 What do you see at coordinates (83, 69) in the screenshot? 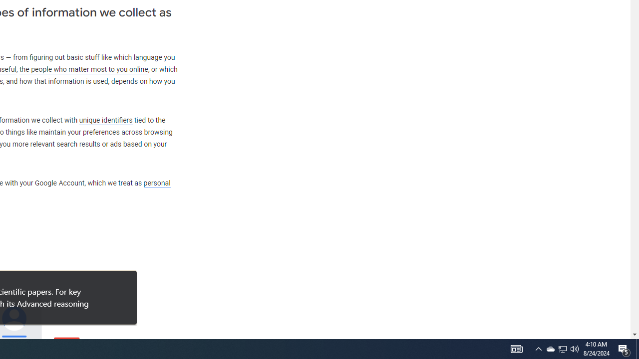
I see `'the people who matter most to you online'` at bounding box center [83, 69].